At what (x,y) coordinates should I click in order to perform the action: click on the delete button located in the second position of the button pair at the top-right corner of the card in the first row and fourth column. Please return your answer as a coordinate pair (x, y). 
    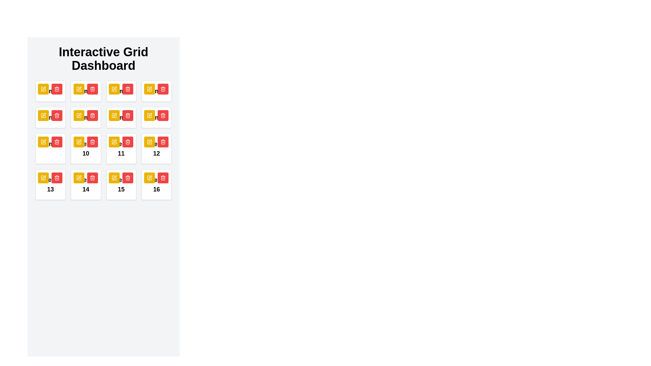
    Looking at the image, I should click on (163, 88).